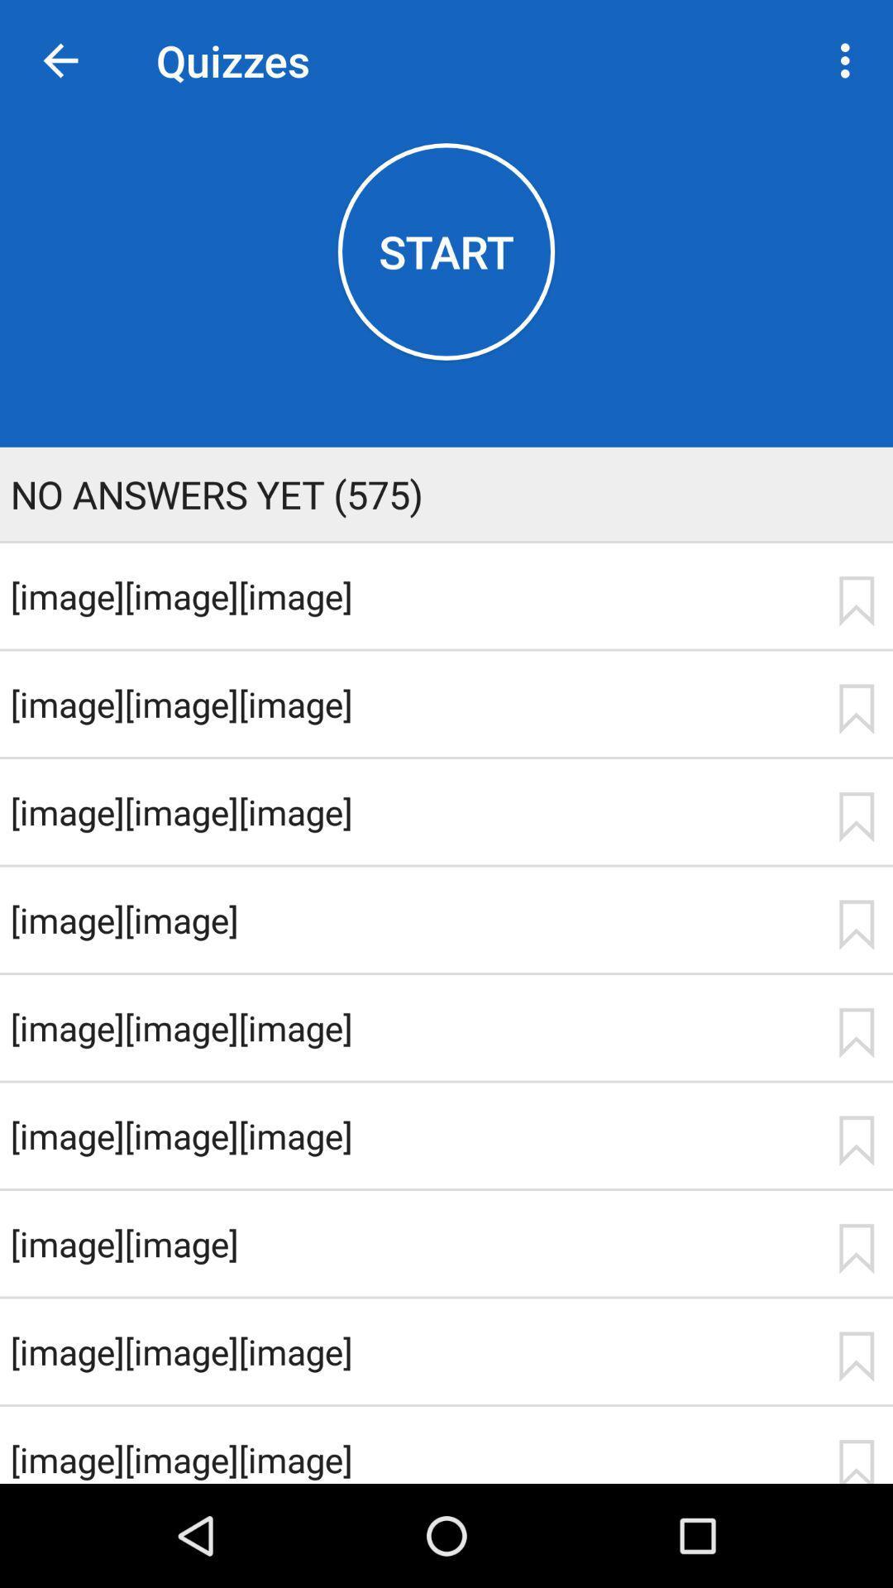  I want to click on flag image, so click(856, 817).